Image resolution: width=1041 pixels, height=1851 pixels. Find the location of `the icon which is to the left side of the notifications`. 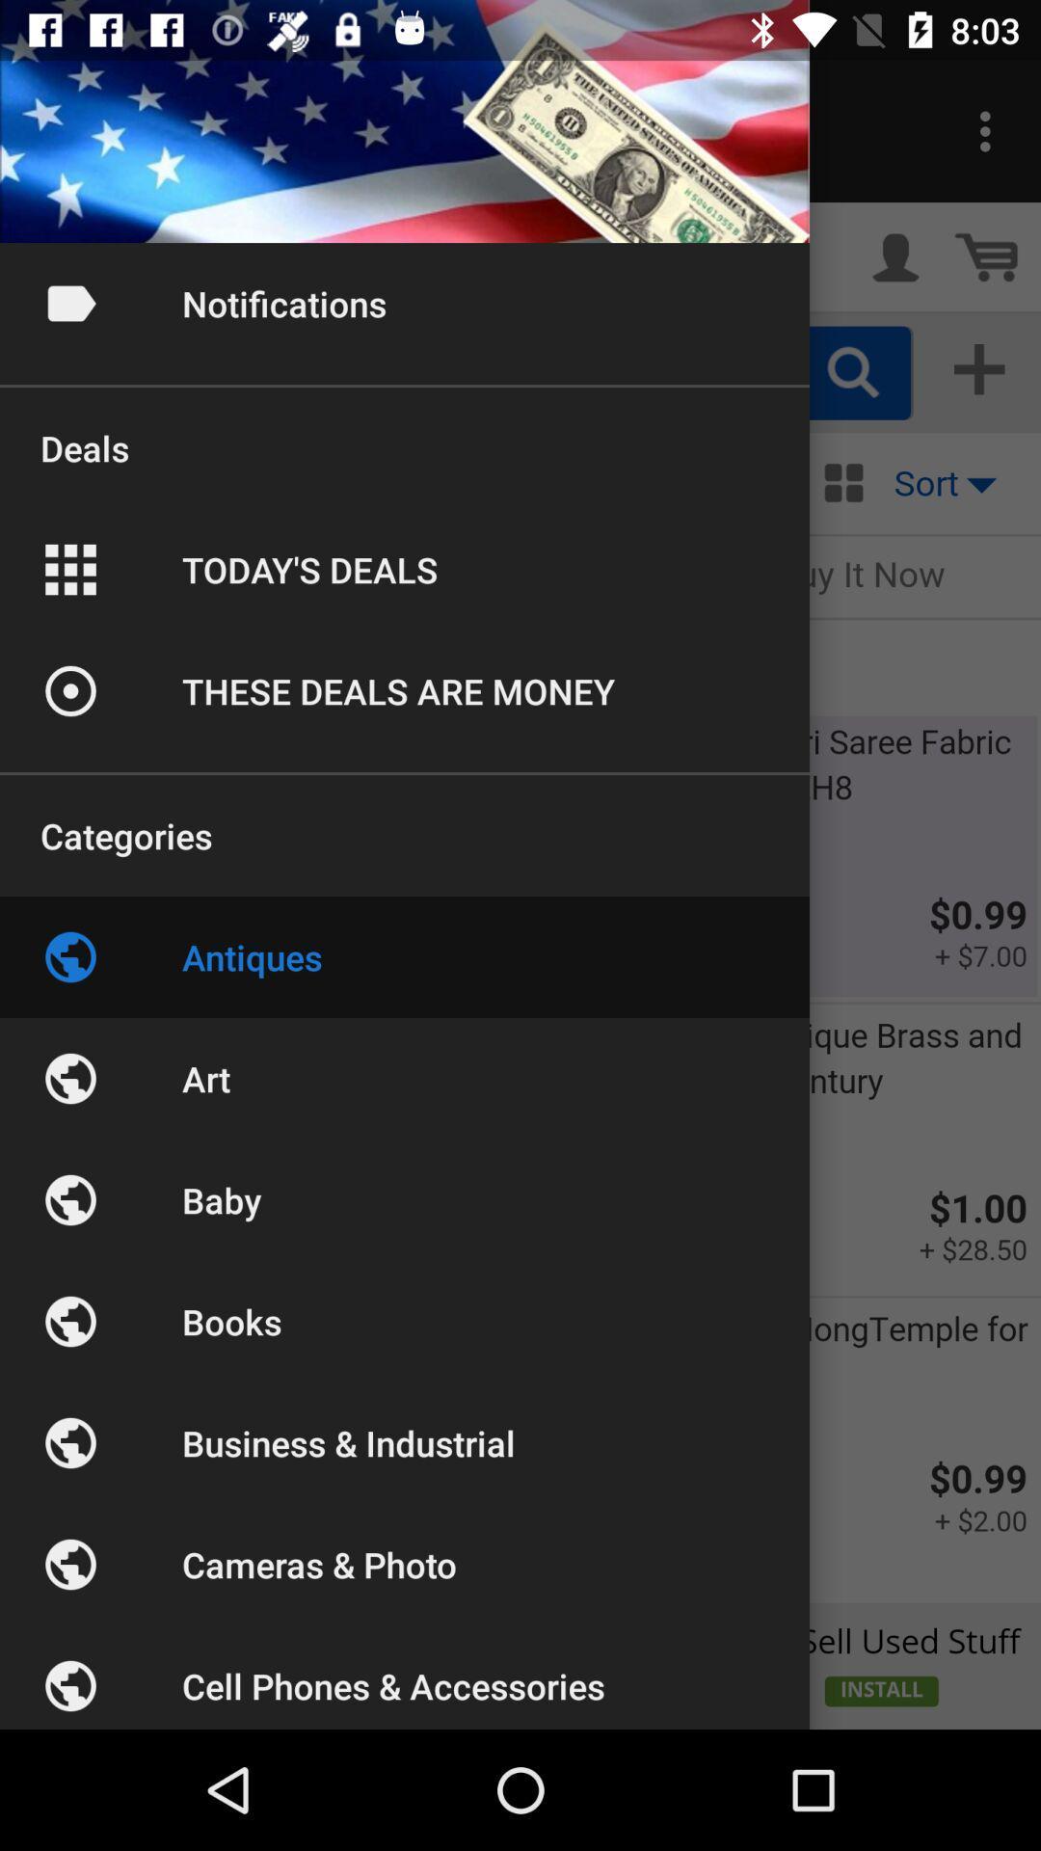

the icon which is to the left side of the notifications is located at coordinates (69, 303).